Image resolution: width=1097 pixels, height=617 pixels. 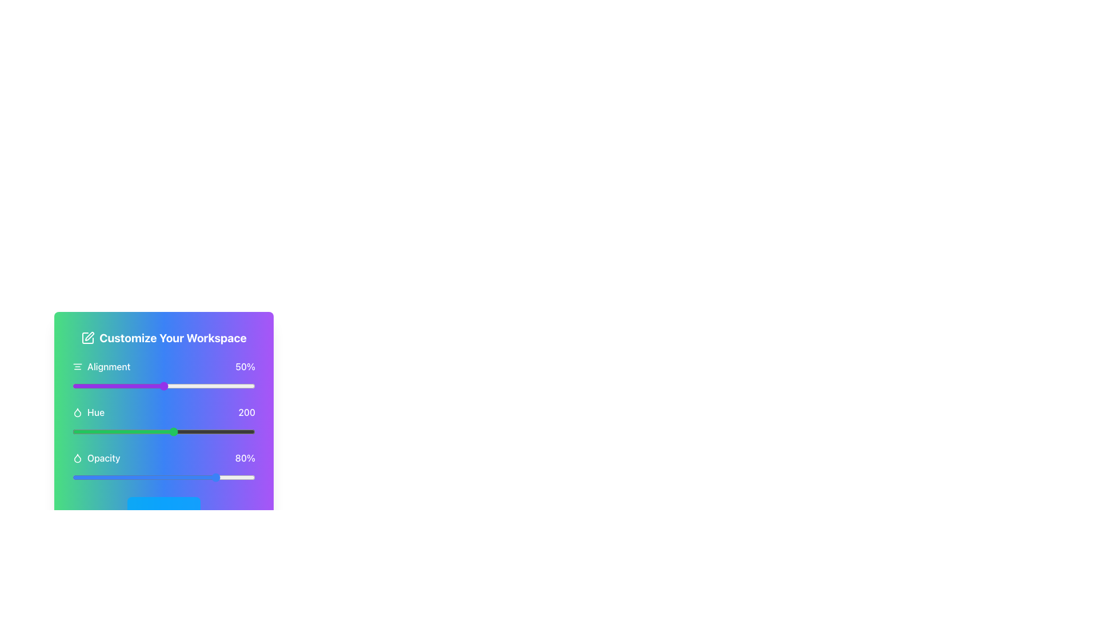 I want to click on displayed value from the text label showing '200' in the 'Hue' section of the 'Customize Your Workspace' panel, located on the right side adjacent to the hue slider bar, so click(x=246, y=412).